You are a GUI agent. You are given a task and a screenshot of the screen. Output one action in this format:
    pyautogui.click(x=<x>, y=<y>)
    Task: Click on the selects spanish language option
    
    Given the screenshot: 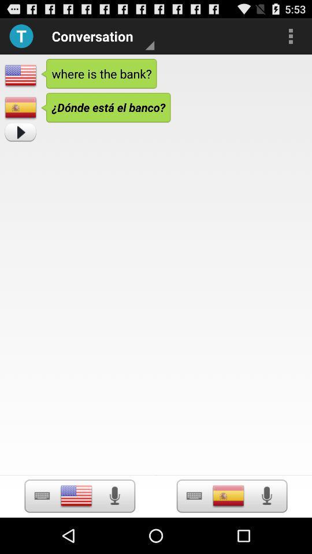 What is the action you would take?
    pyautogui.click(x=194, y=495)
    